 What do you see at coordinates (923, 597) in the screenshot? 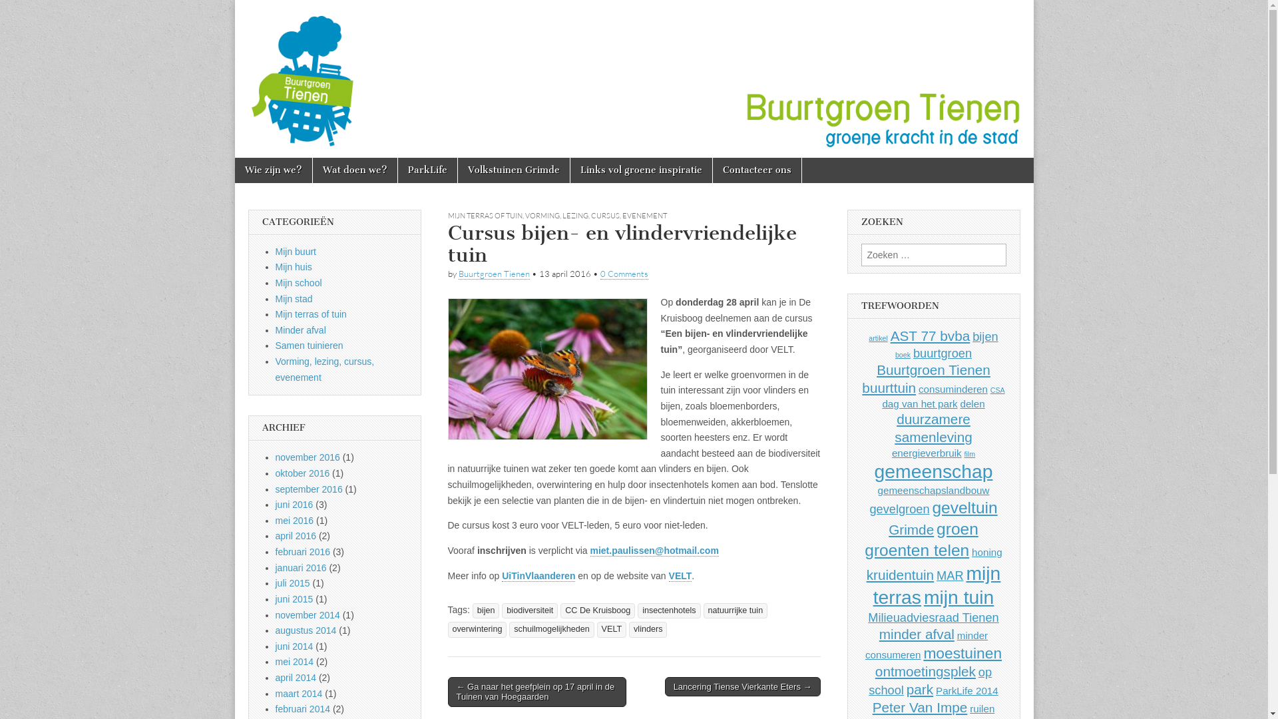
I see `'mijn tuin'` at bounding box center [923, 597].